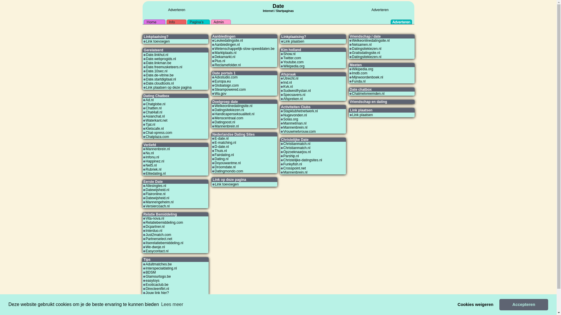 The image size is (561, 315). What do you see at coordinates (214, 44) in the screenshot?
I see `'Aanbiedingen.nl'` at bounding box center [214, 44].